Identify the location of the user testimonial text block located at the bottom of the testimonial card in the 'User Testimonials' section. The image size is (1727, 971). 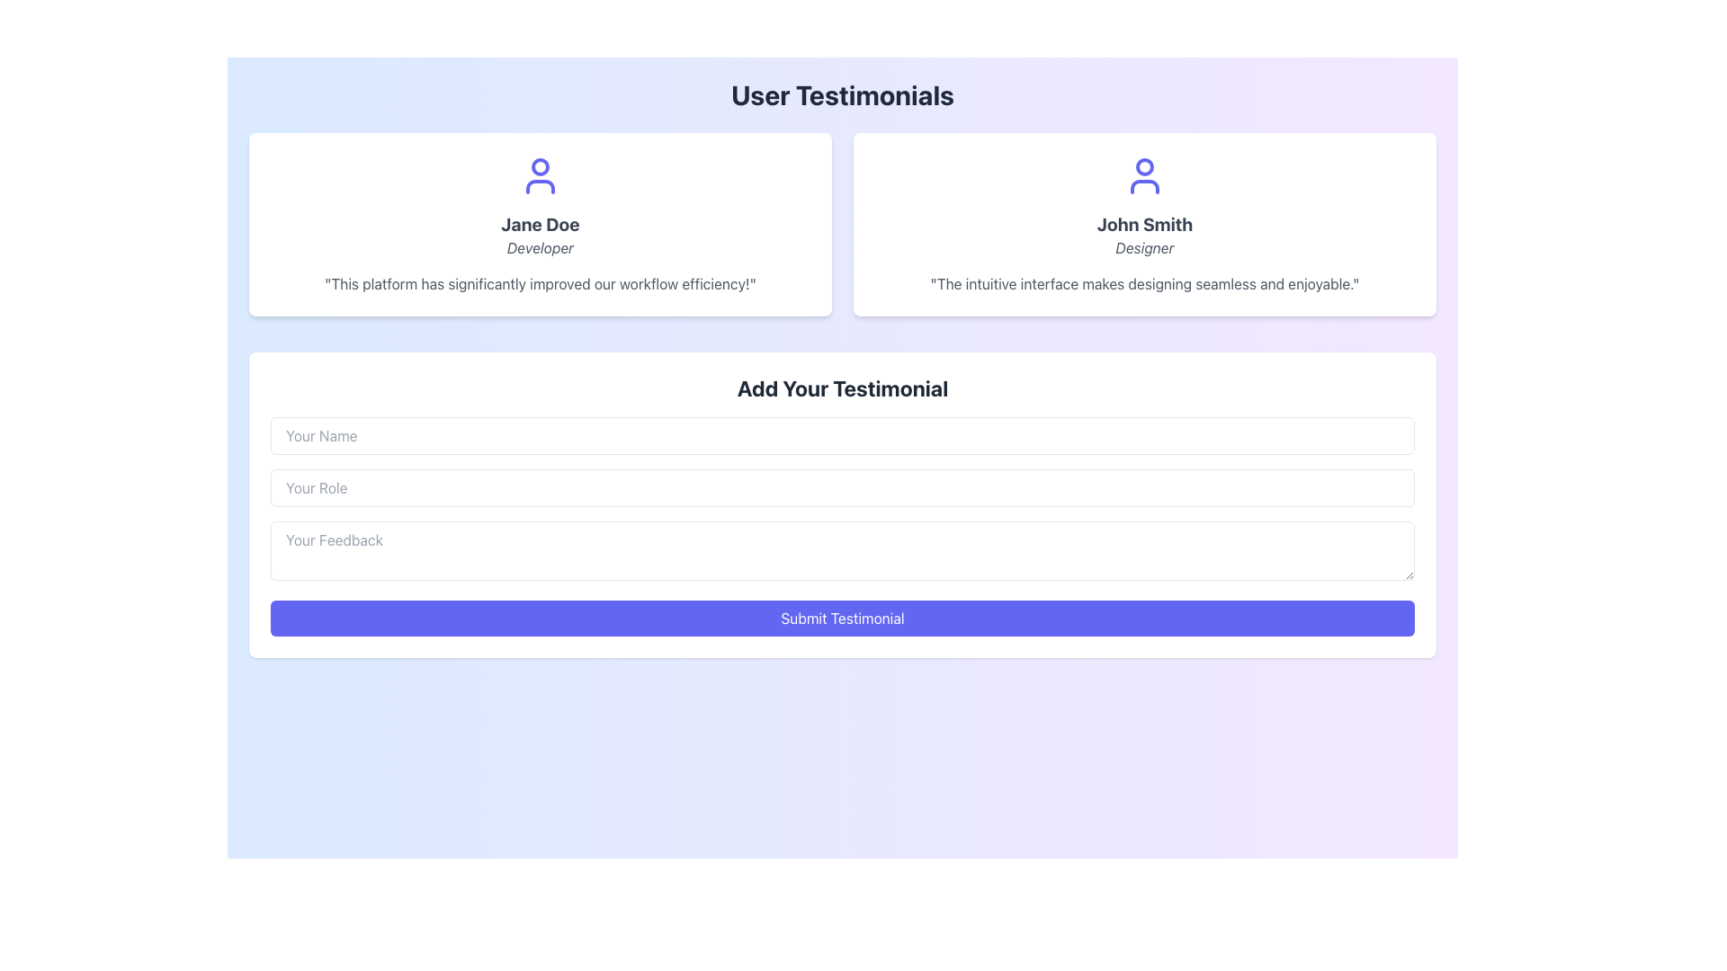
(1143, 283).